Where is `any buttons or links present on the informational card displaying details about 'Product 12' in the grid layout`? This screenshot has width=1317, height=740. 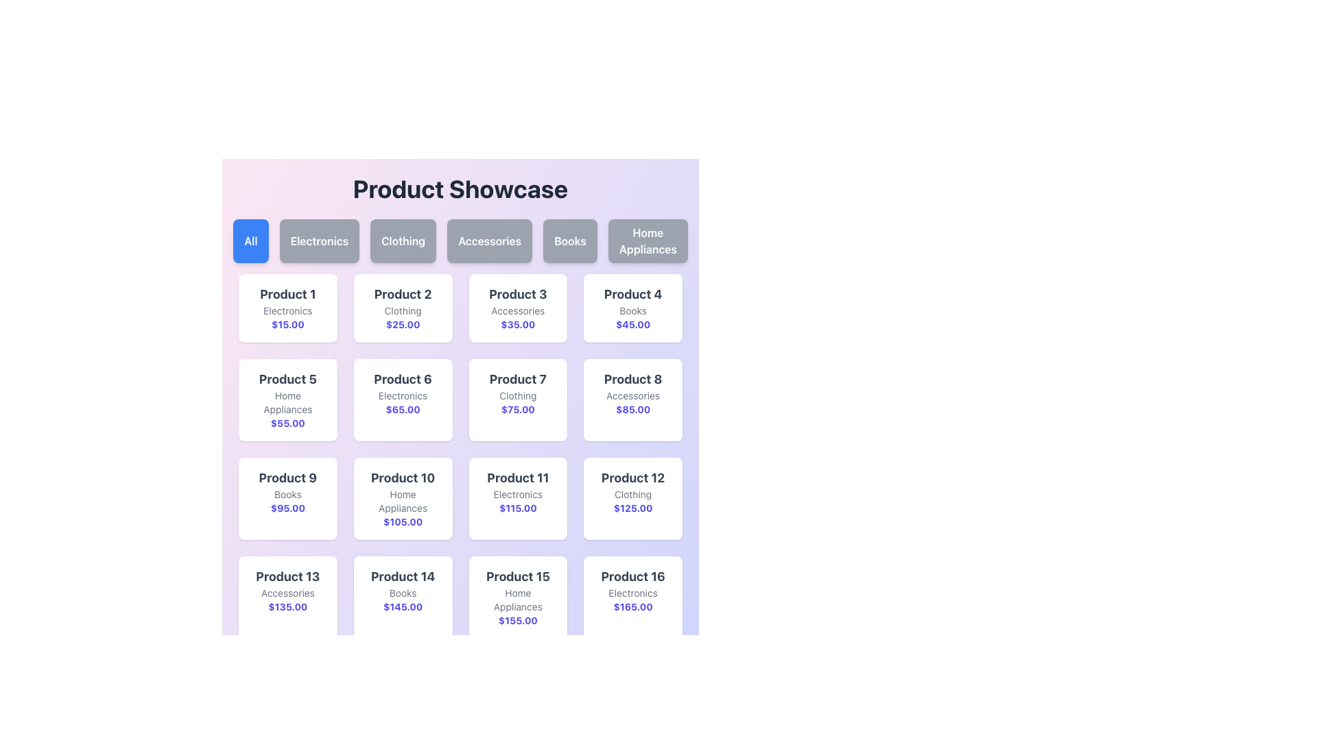 any buttons or links present on the informational card displaying details about 'Product 12' in the grid layout is located at coordinates (632, 499).